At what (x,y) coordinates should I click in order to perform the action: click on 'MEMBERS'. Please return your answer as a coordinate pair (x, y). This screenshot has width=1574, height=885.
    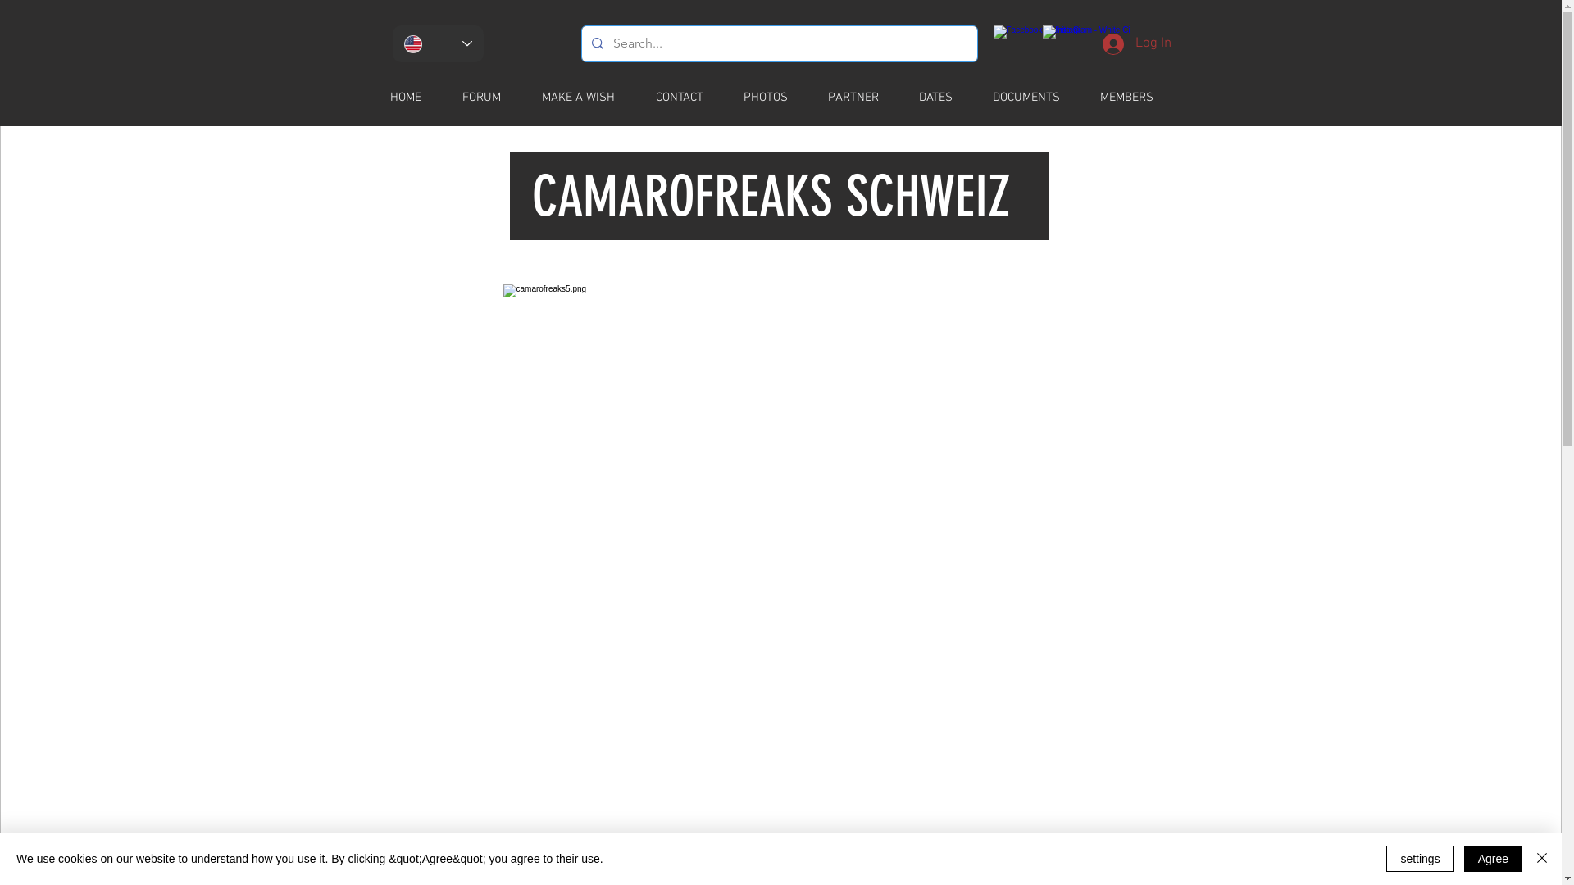
    Looking at the image, I should click on (1135, 98).